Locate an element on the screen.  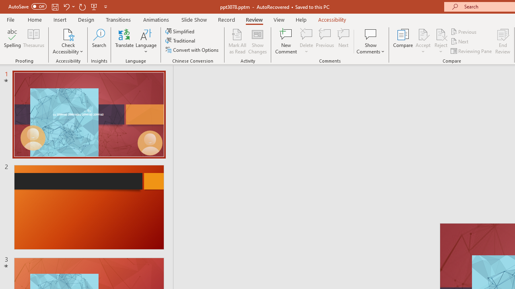
'New Comment' is located at coordinates (286, 41).